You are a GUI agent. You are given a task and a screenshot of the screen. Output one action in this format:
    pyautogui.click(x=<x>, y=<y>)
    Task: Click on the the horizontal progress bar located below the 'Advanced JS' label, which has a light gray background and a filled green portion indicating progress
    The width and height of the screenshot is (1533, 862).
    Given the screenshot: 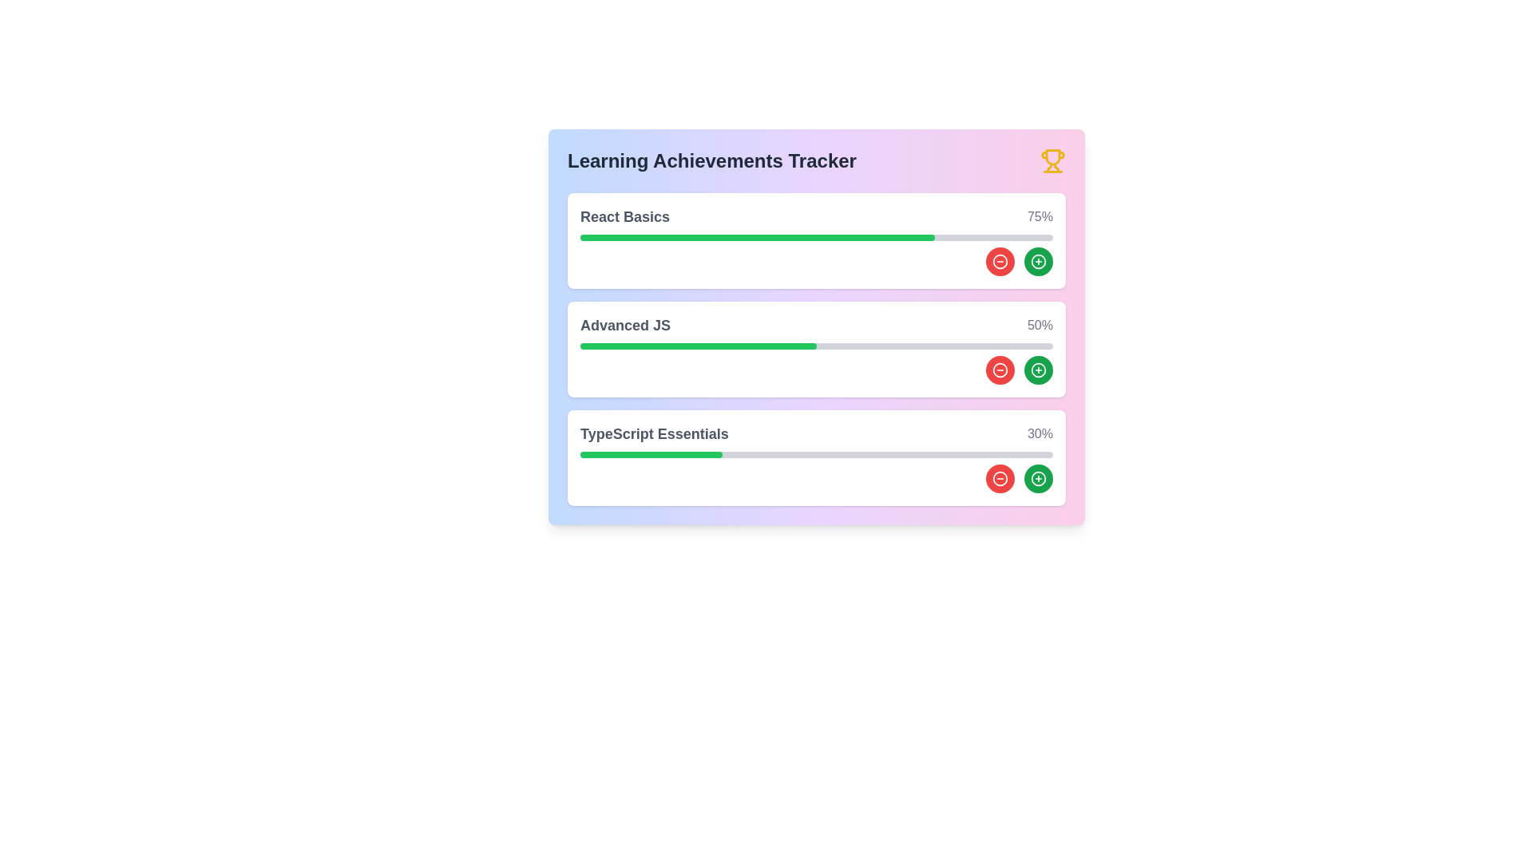 What is the action you would take?
    pyautogui.click(x=816, y=346)
    